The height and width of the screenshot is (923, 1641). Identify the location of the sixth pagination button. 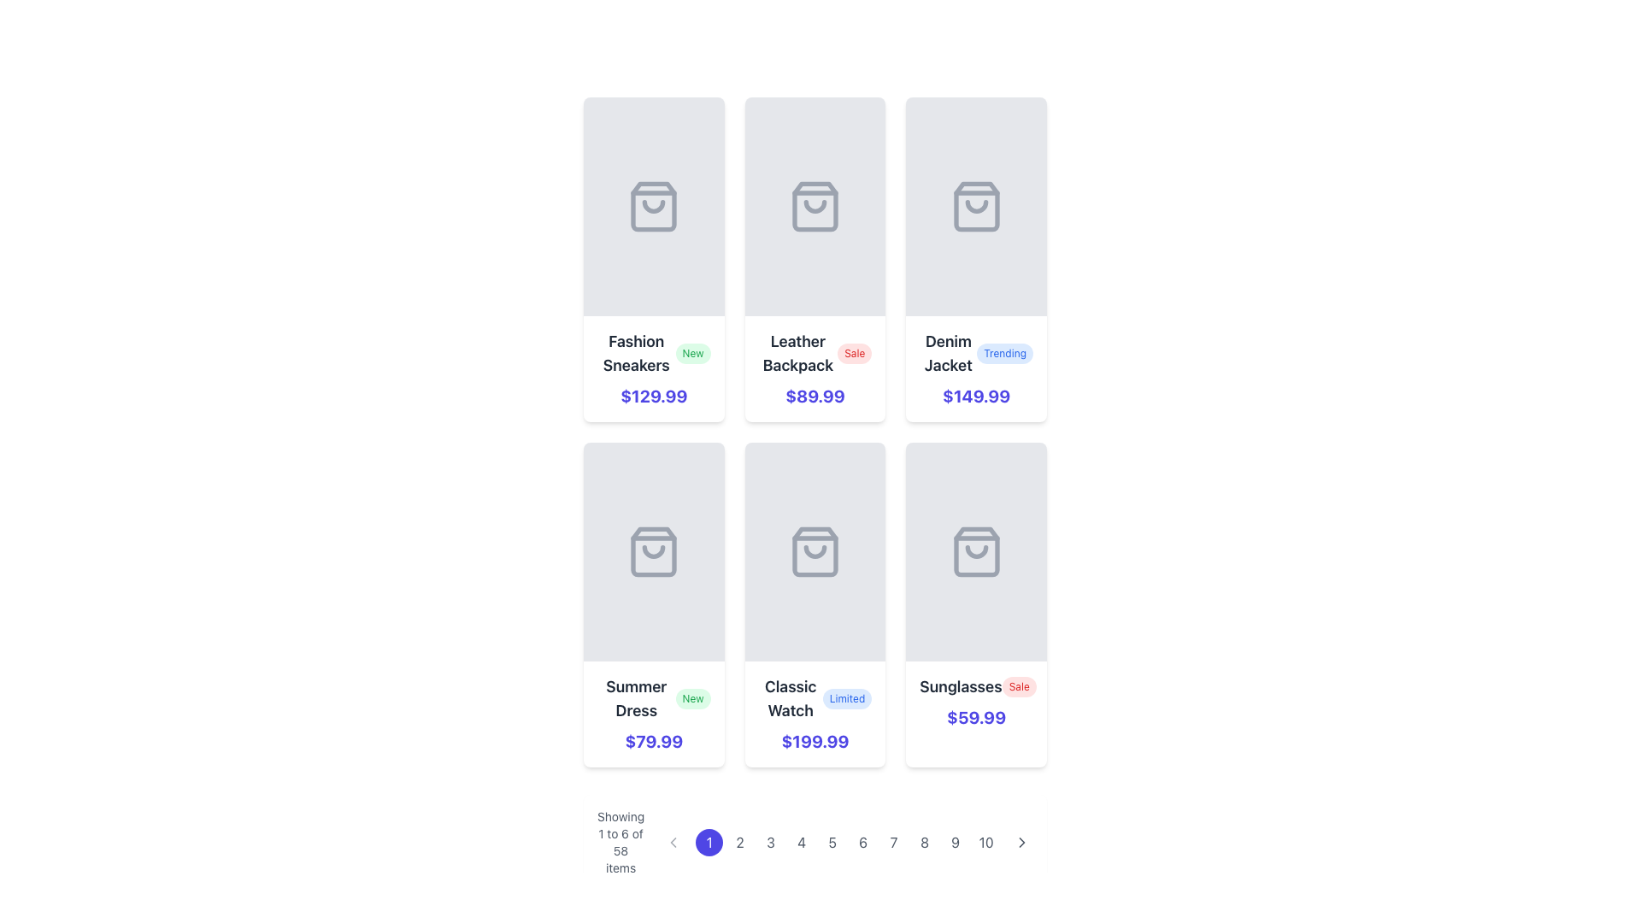
(862, 842).